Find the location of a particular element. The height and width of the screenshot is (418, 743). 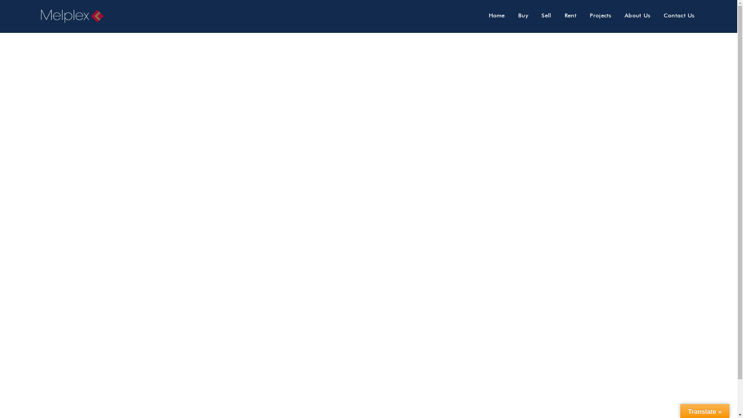

'Rent' is located at coordinates (570, 15).